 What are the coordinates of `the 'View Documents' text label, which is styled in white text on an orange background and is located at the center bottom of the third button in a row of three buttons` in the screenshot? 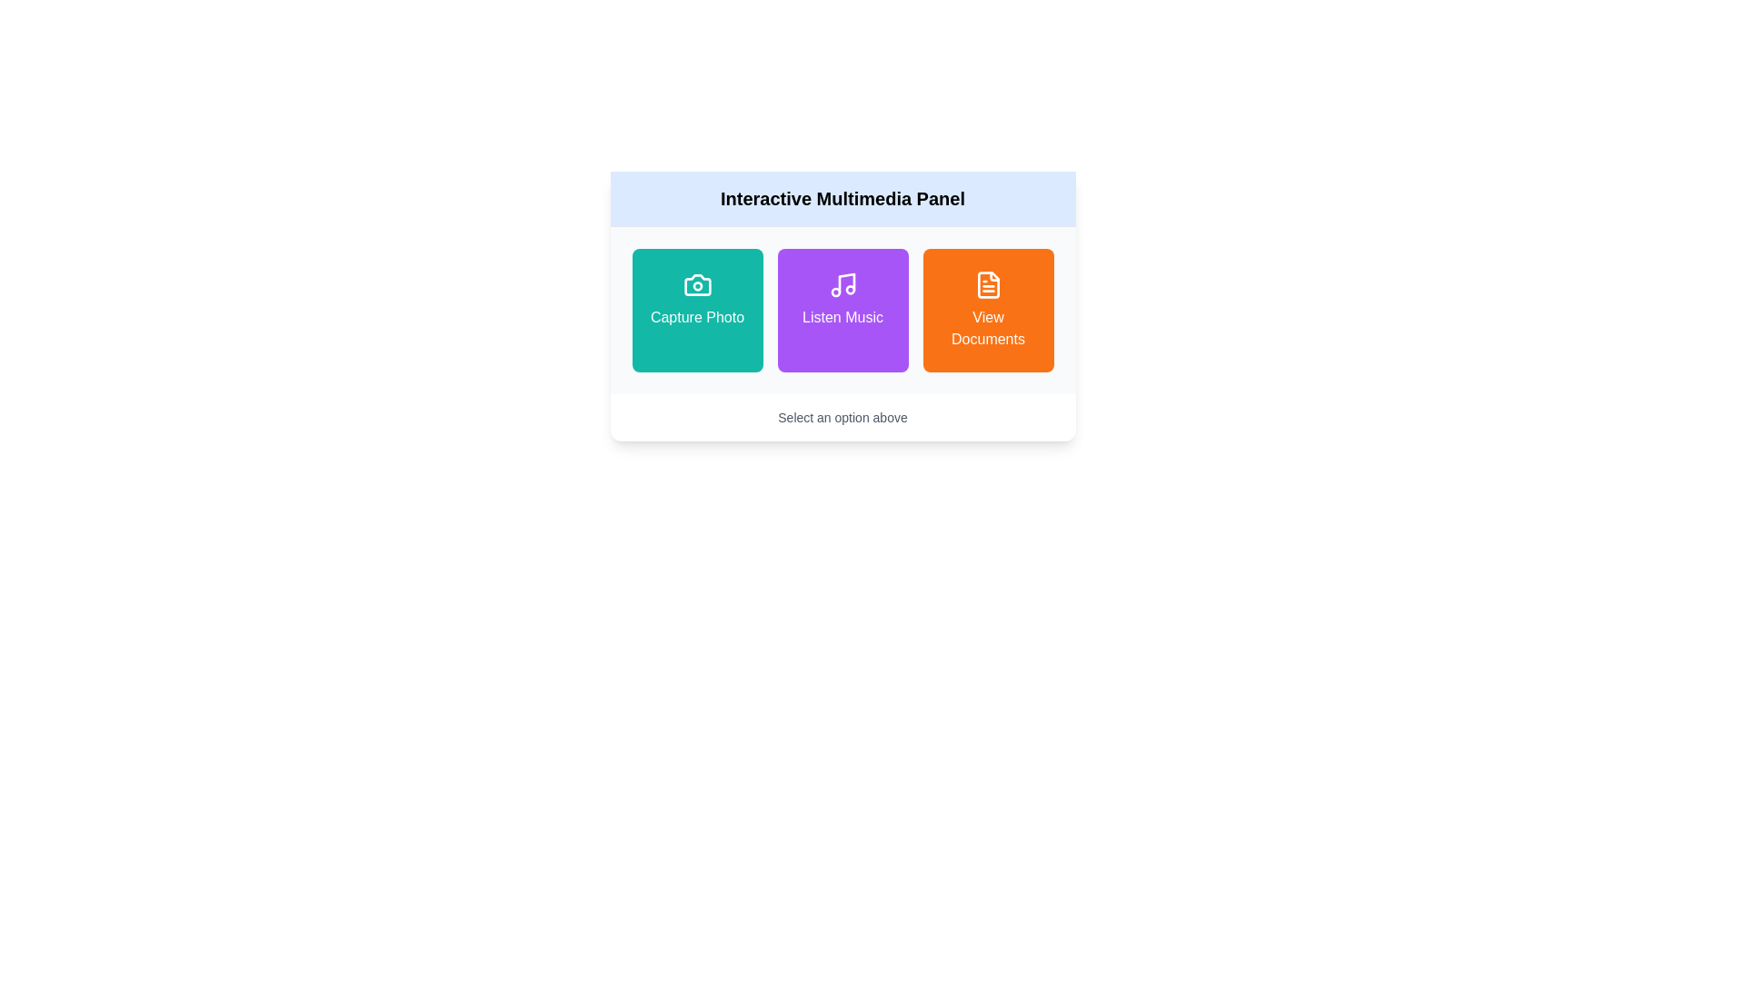 It's located at (987, 329).